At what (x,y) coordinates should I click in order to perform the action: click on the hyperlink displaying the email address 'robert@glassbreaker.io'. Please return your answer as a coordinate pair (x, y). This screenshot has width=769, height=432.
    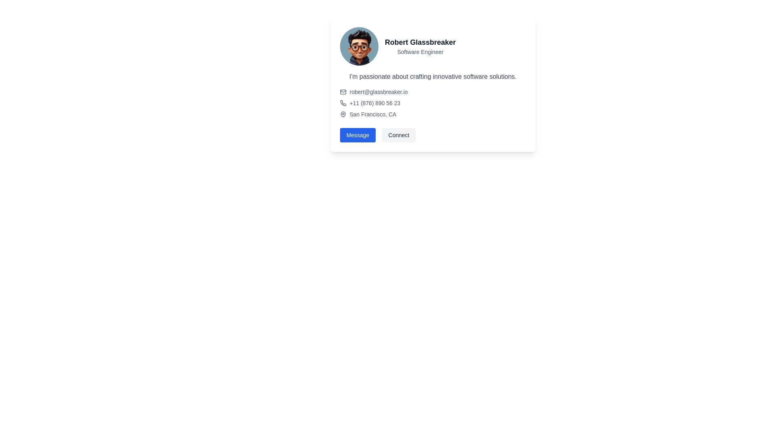
    Looking at the image, I should click on (378, 92).